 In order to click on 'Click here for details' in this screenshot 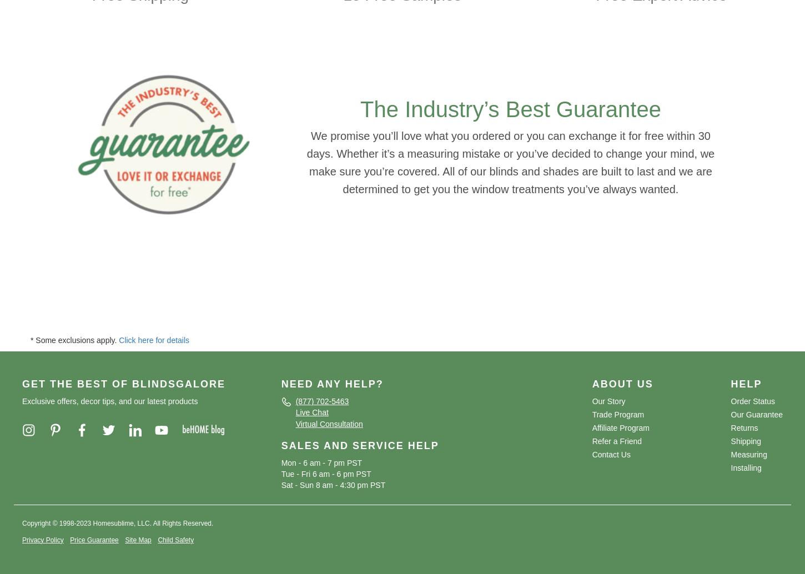, I will do `click(154, 340)`.